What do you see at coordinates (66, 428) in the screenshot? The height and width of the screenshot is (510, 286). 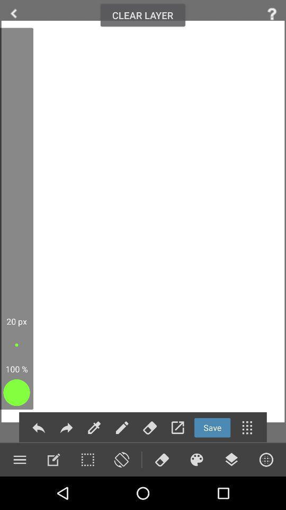 I see `forver` at bounding box center [66, 428].